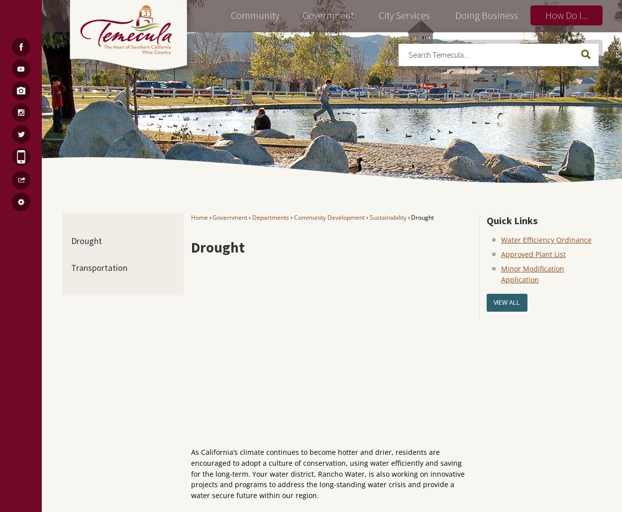  What do you see at coordinates (532, 254) in the screenshot?
I see `'Approved Plant List'` at bounding box center [532, 254].